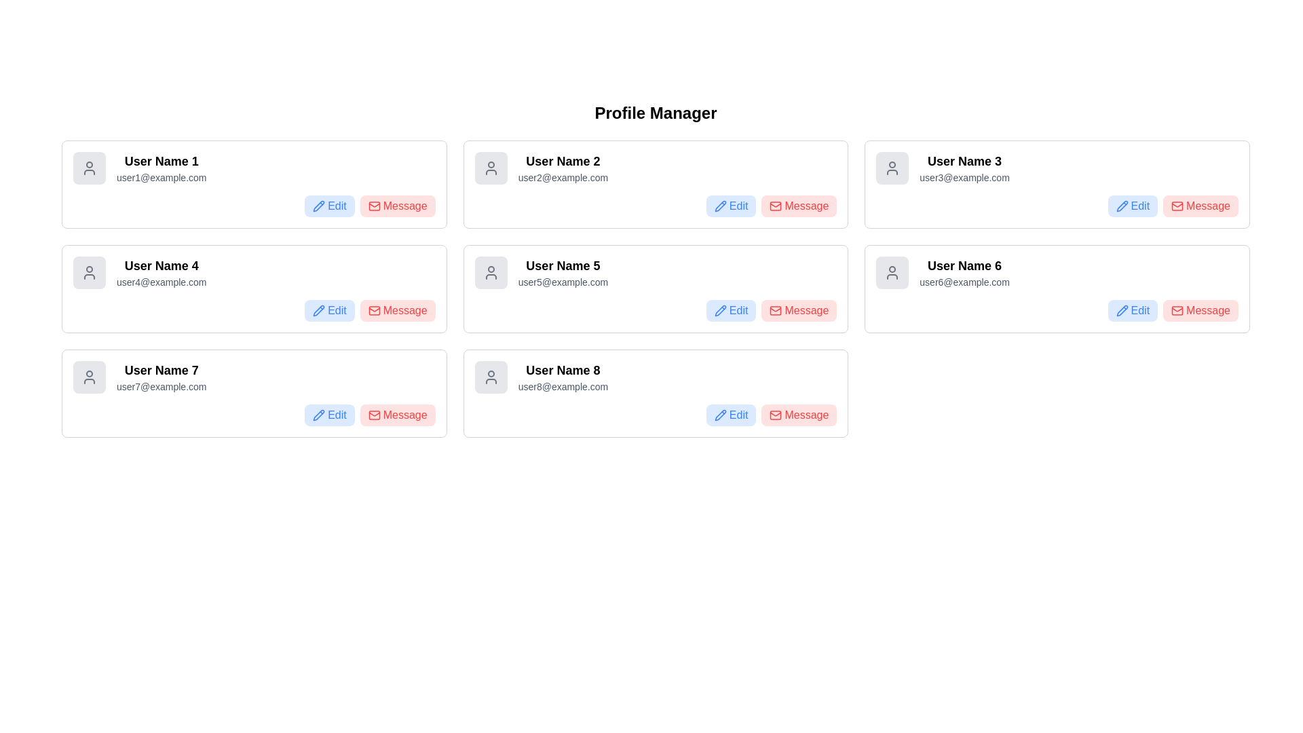 The image size is (1303, 733). Describe the element at coordinates (1122, 206) in the screenshot. I see `the main body of the pencil icon located in the edit button for 'User Name 3' in the top-right corner of the user card` at that location.